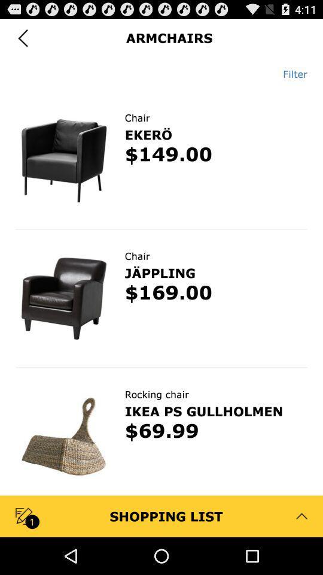 Image resolution: width=323 pixels, height=575 pixels. I want to click on the item above $149.00 app, so click(148, 134).